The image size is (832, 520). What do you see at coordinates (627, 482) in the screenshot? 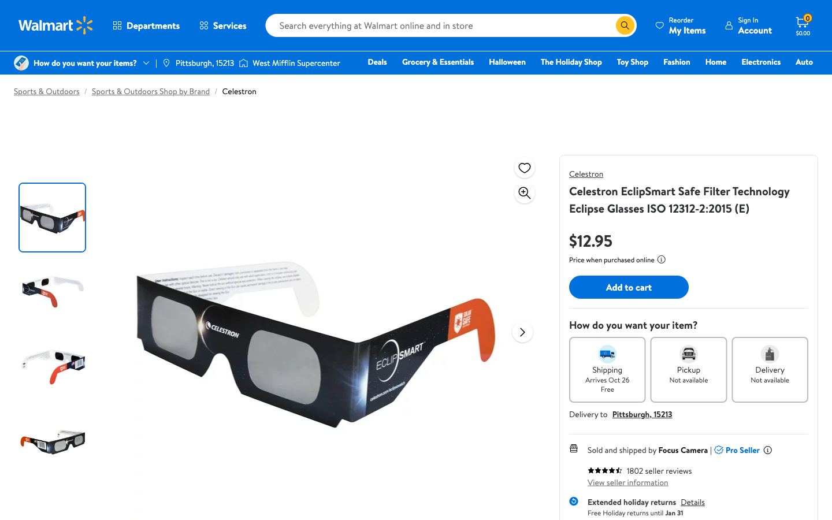
I see `Look at the information about the seller` at bounding box center [627, 482].